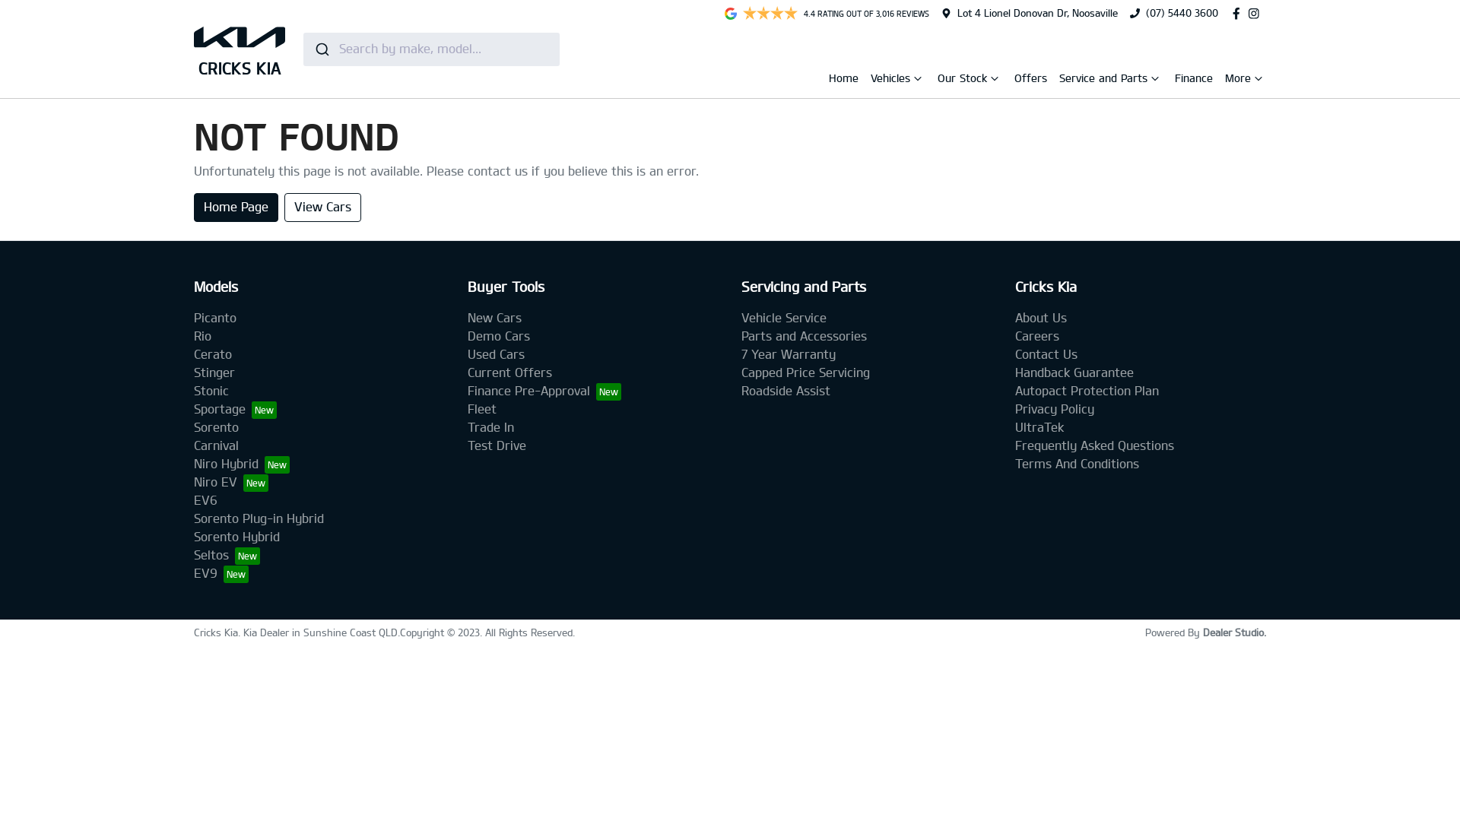  What do you see at coordinates (192, 408) in the screenshot?
I see `'Sportage'` at bounding box center [192, 408].